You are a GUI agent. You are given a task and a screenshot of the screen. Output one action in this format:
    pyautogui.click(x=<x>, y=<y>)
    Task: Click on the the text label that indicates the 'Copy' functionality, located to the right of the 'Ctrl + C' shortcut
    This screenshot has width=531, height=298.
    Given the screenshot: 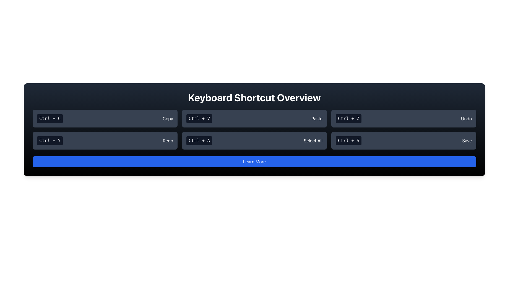 What is the action you would take?
    pyautogui.click(x=168, y=118)
    